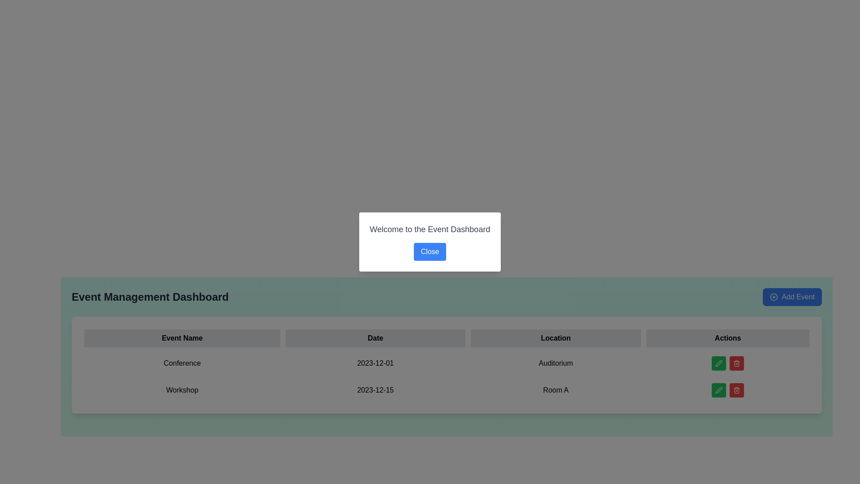 The width and height of the screenshot is (860, 484). Describe the element at coordinates (737, 363) in the screenshot. I see `the deletion button located on the rightmost side of the row within the 'Actions' column of the table` at that location.